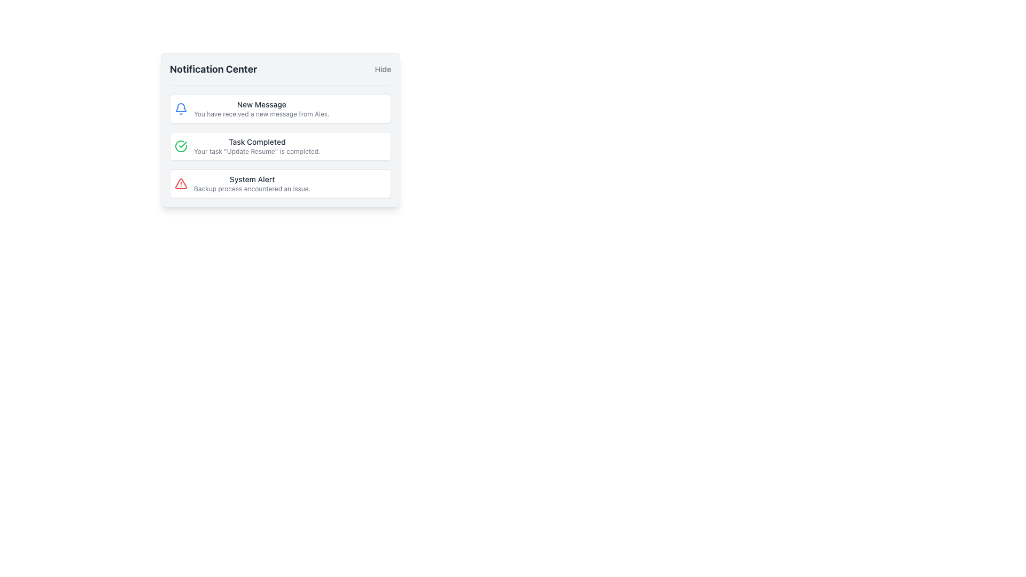  Describe the element at coordinates (181, 183) in the screenshot. I see `the warning icon located within the 'System Alert' notification in the Notification Center, which is the leftmost icon preceding the text content` at that location.